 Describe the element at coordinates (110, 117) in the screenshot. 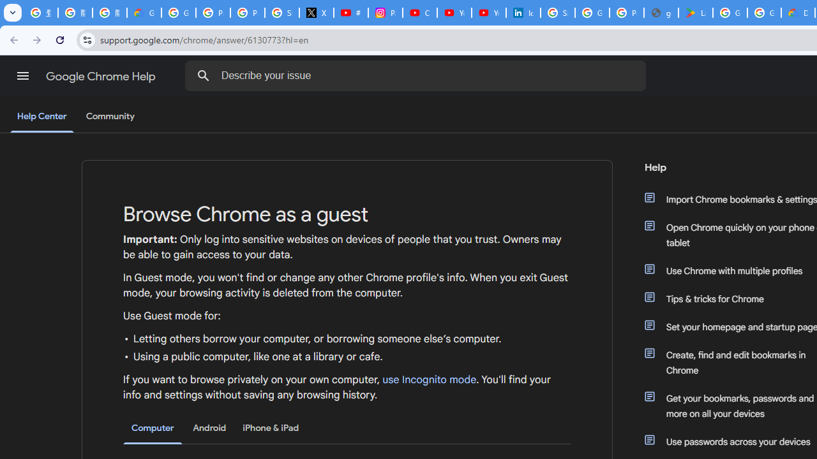

I see `'Community'` at that location.